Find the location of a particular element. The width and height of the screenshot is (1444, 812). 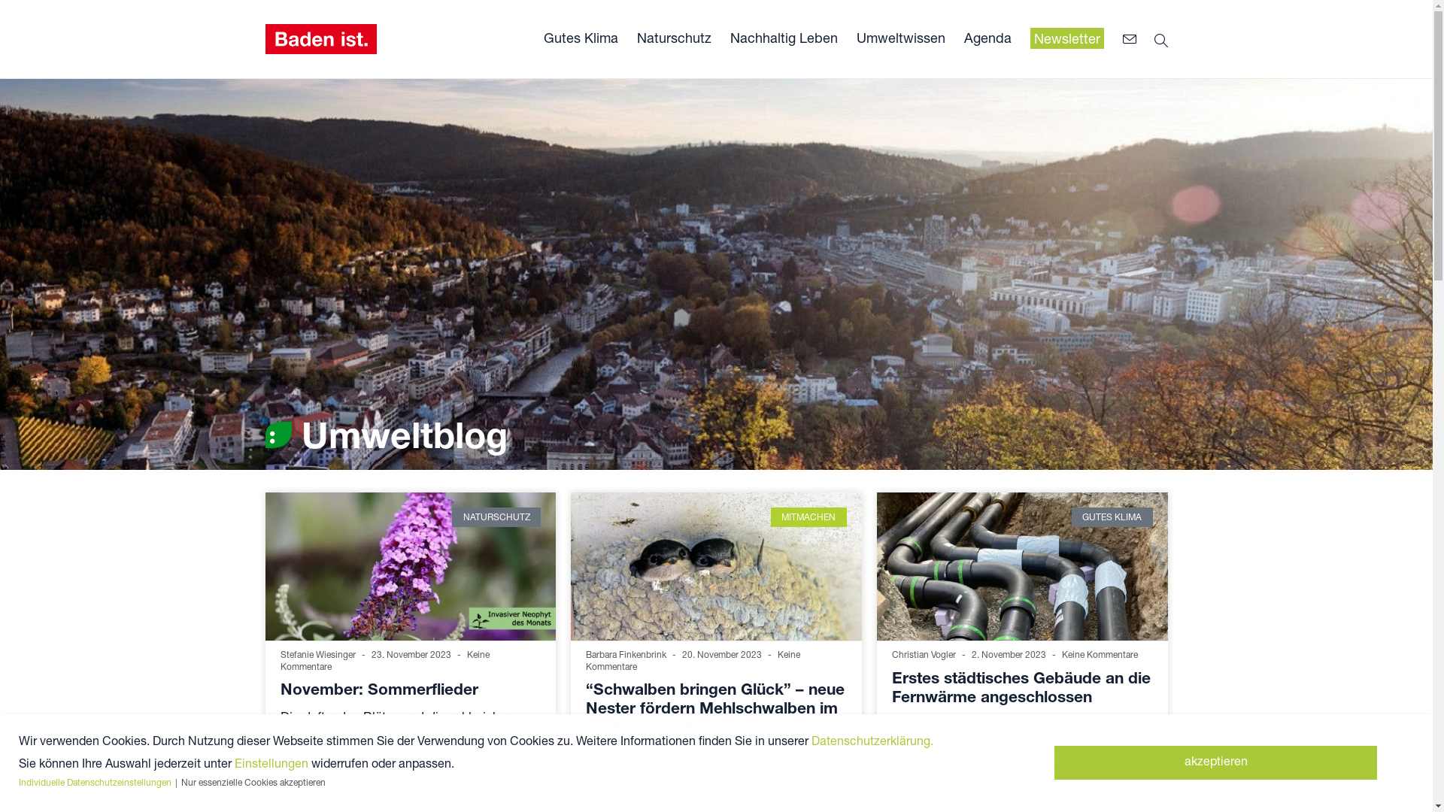

'Agenda' is located at coordinates (987, 37).